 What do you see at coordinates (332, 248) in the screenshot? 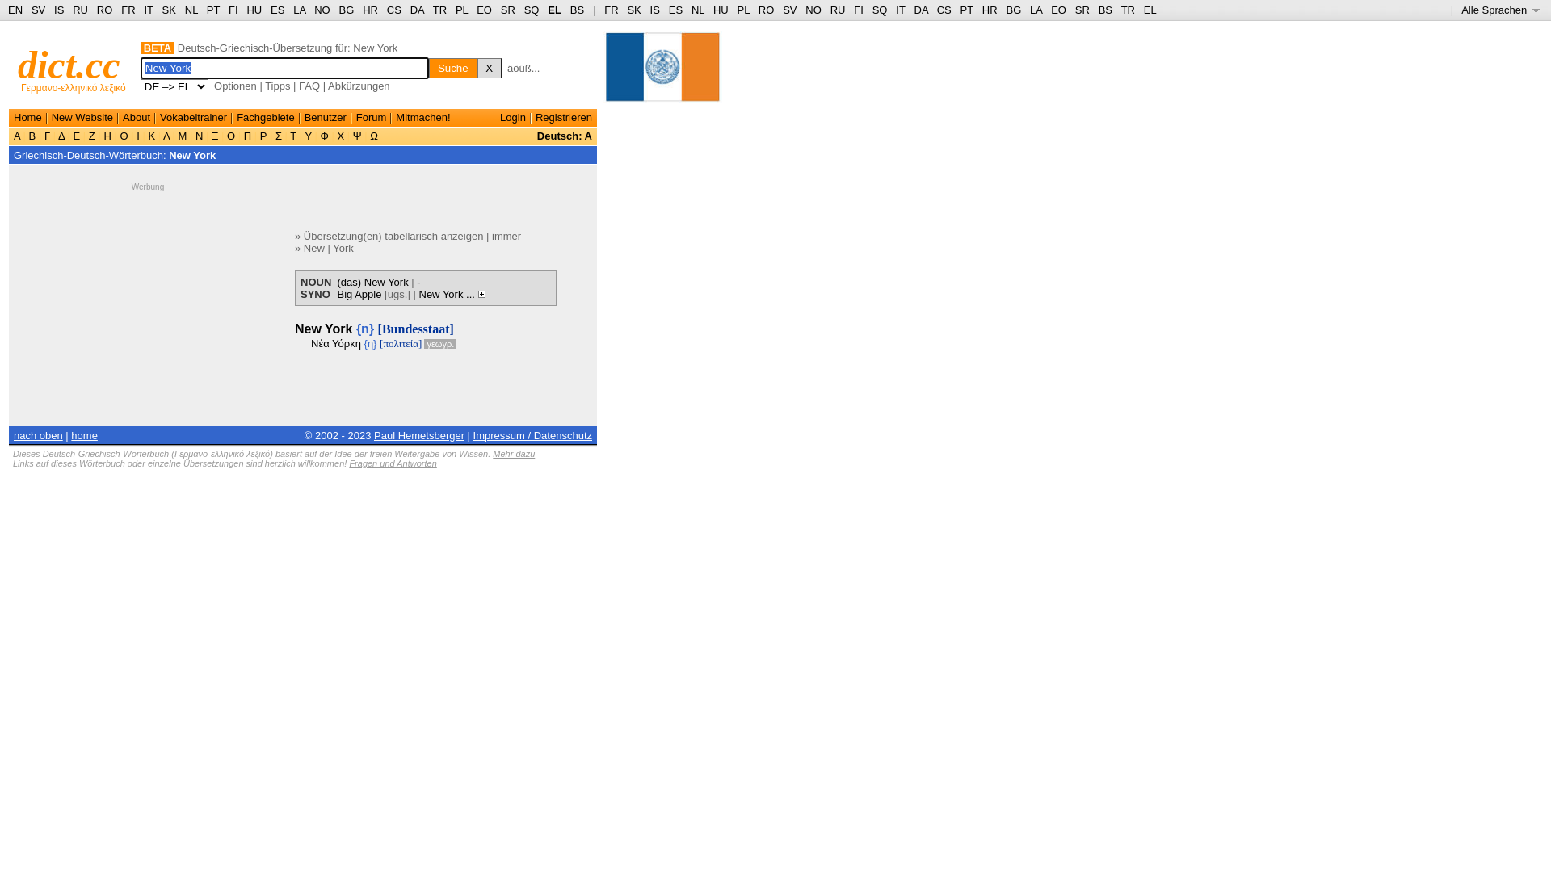
I see `'York'` at bounding box center [332, 248].